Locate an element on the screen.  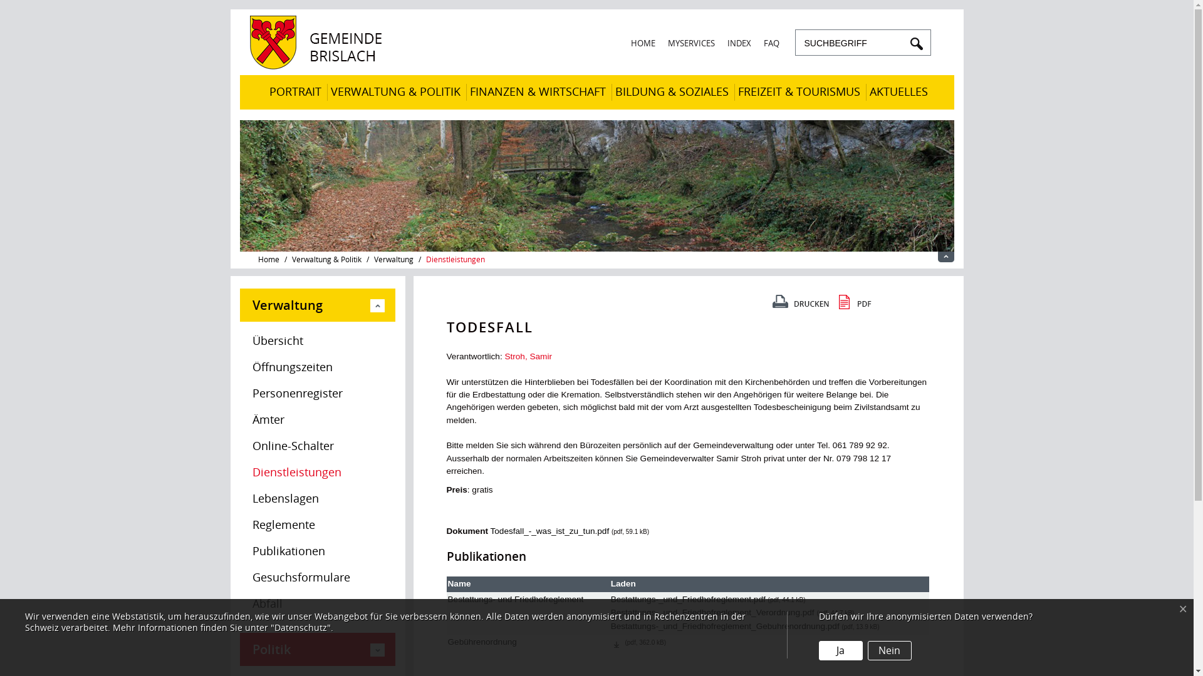
'Todesfall_-_was_ist_zu_tun.pdf' is located at coordinates (549, 531).